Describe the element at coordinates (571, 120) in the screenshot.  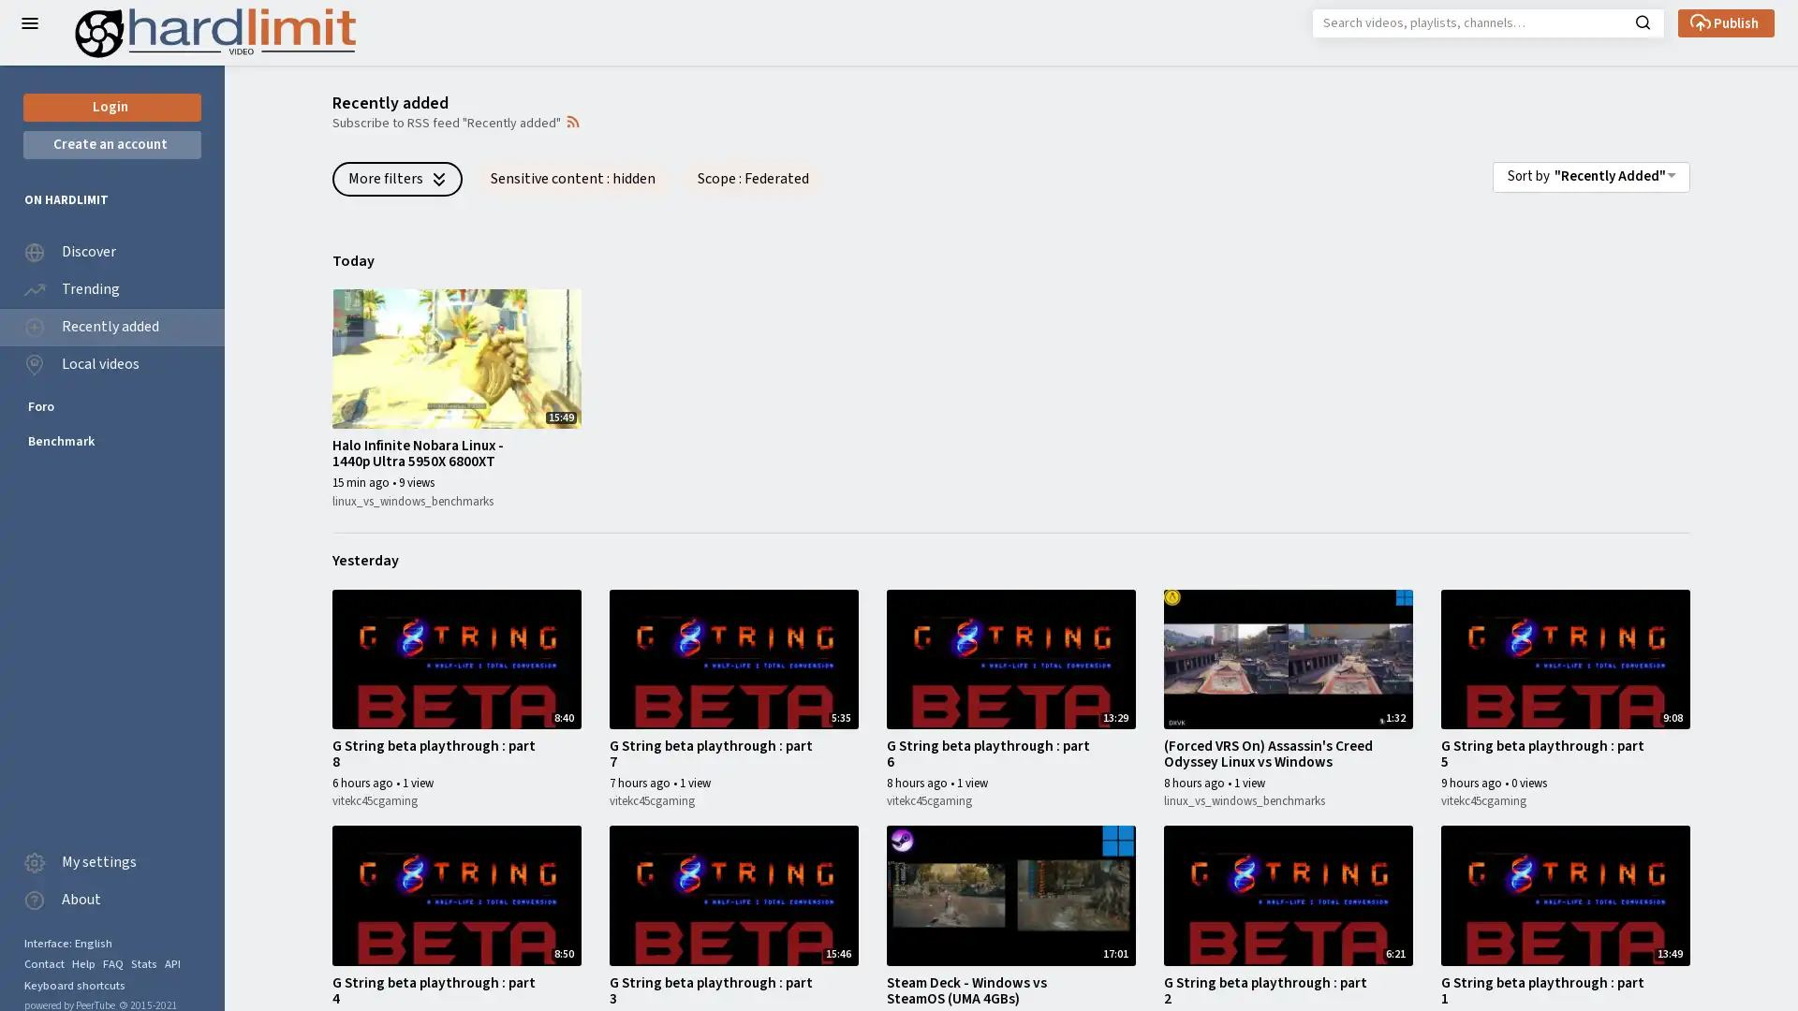
I see `Open syndication dropdown` at that location.